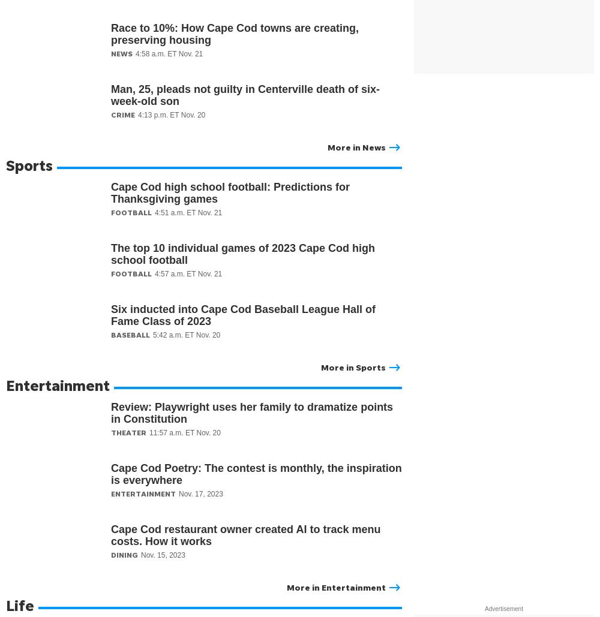 This screenshot has height=617, width=600. I want to click on 'More in Sports', so click(353, 367).